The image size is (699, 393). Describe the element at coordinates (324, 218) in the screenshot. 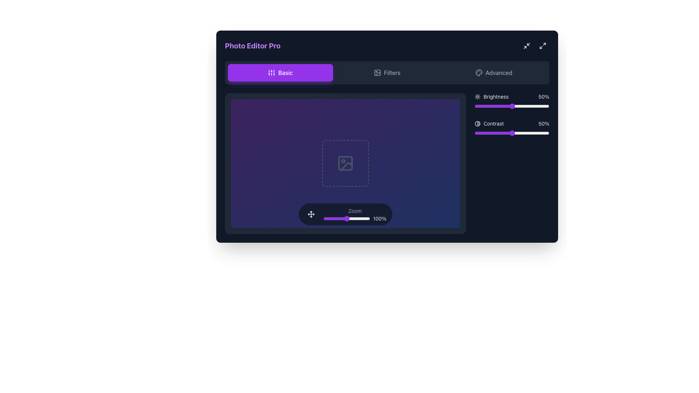

I see `the zoom level` at that location.